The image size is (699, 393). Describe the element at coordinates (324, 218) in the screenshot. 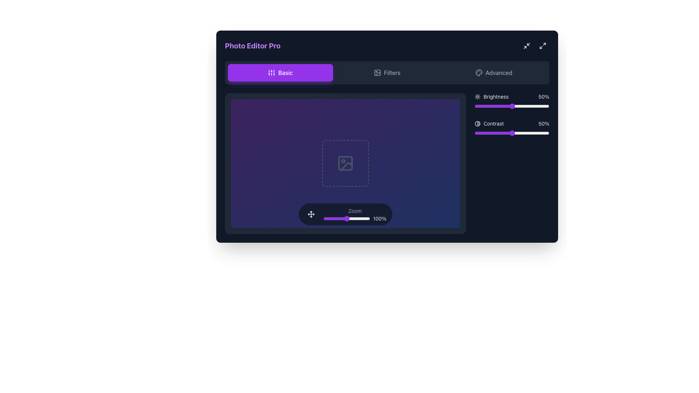

I see `the zoom level` at that location.